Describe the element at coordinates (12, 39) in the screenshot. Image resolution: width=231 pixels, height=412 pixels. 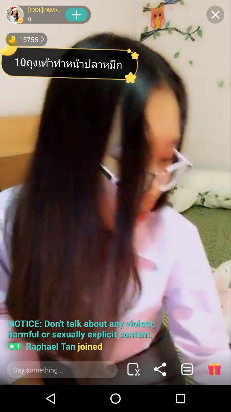
I see `the icon left to 15755` at that location.